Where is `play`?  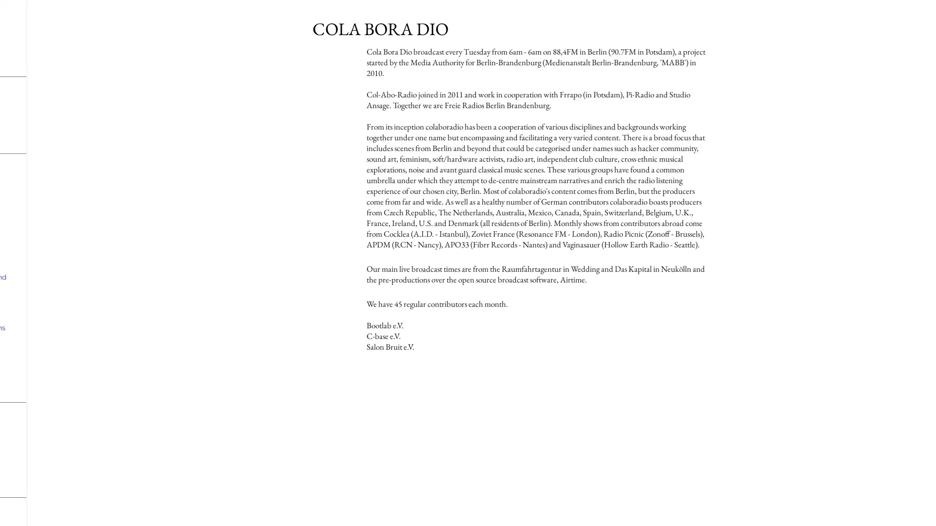
play is located at coordinates (32, 118).